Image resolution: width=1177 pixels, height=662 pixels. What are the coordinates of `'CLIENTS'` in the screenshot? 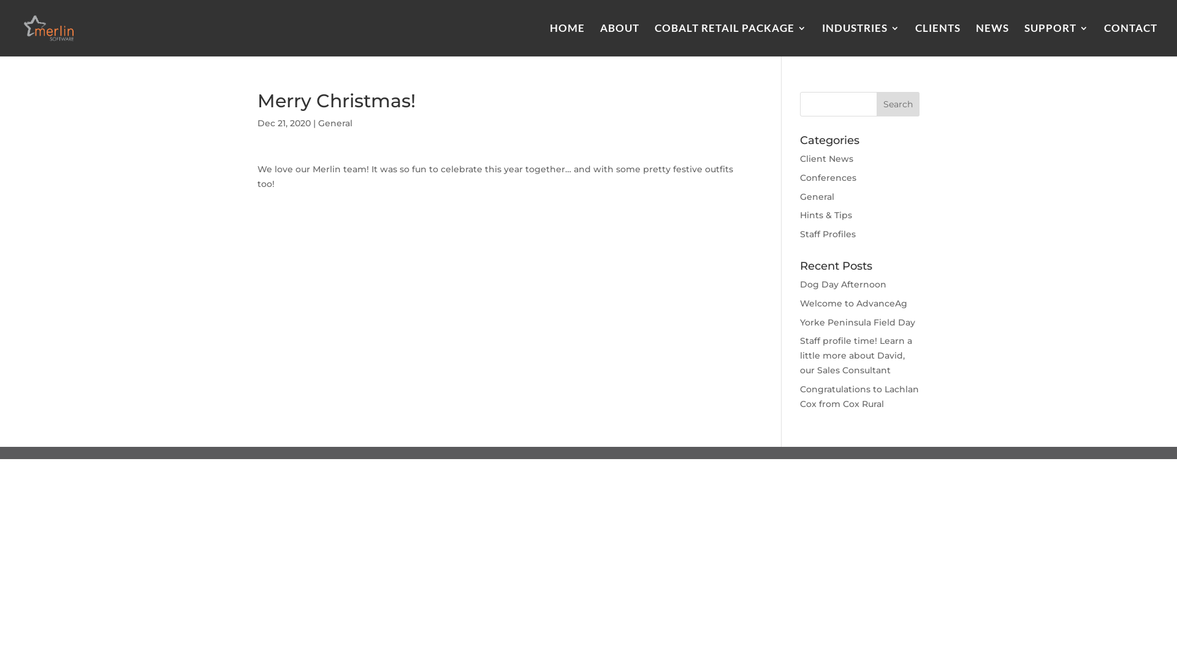 It's located at (937, 39).